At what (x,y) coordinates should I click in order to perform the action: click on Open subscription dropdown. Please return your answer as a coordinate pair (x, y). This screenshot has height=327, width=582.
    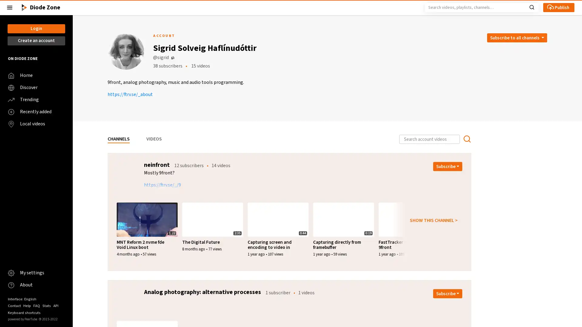
    Looking at the image, I should click on (448, 293).